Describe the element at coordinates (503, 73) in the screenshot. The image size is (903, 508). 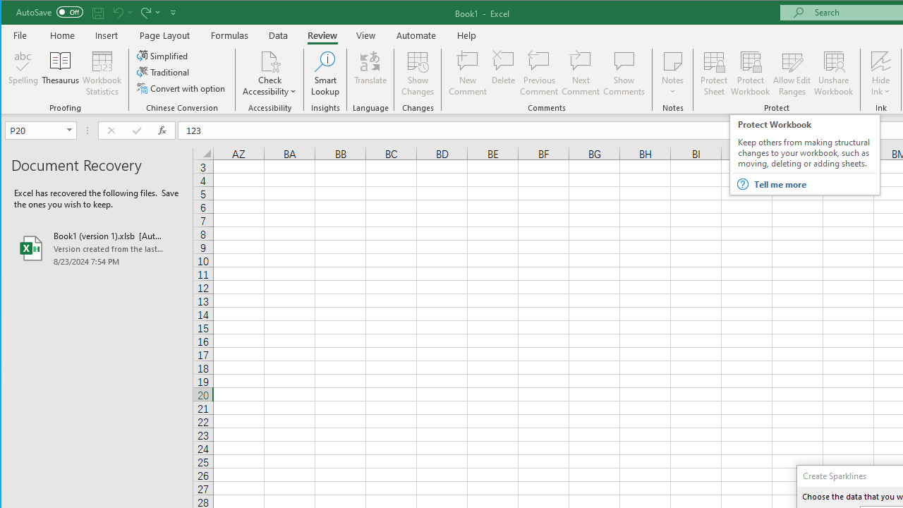
I see `'Delete'` at that location.